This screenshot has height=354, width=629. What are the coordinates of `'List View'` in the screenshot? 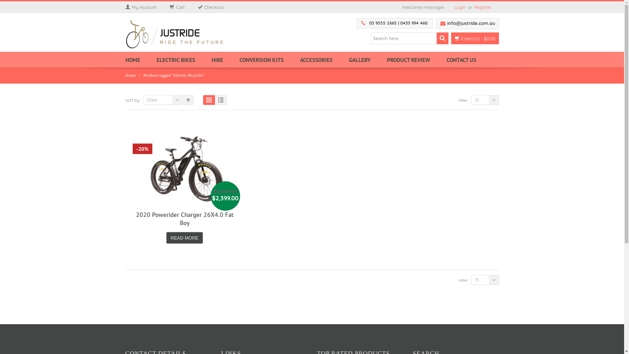 It's located at (220, 100).